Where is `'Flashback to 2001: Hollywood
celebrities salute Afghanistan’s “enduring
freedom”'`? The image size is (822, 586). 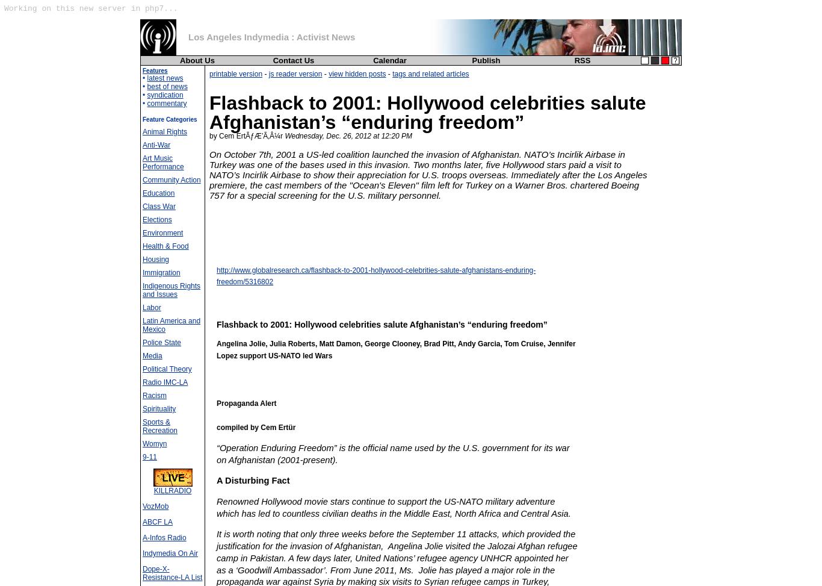 'Flashback to 2001: Hollywood
celebrities salute Afghanistan’s “enduring
freedom”' is located at coordinates (381, 324).